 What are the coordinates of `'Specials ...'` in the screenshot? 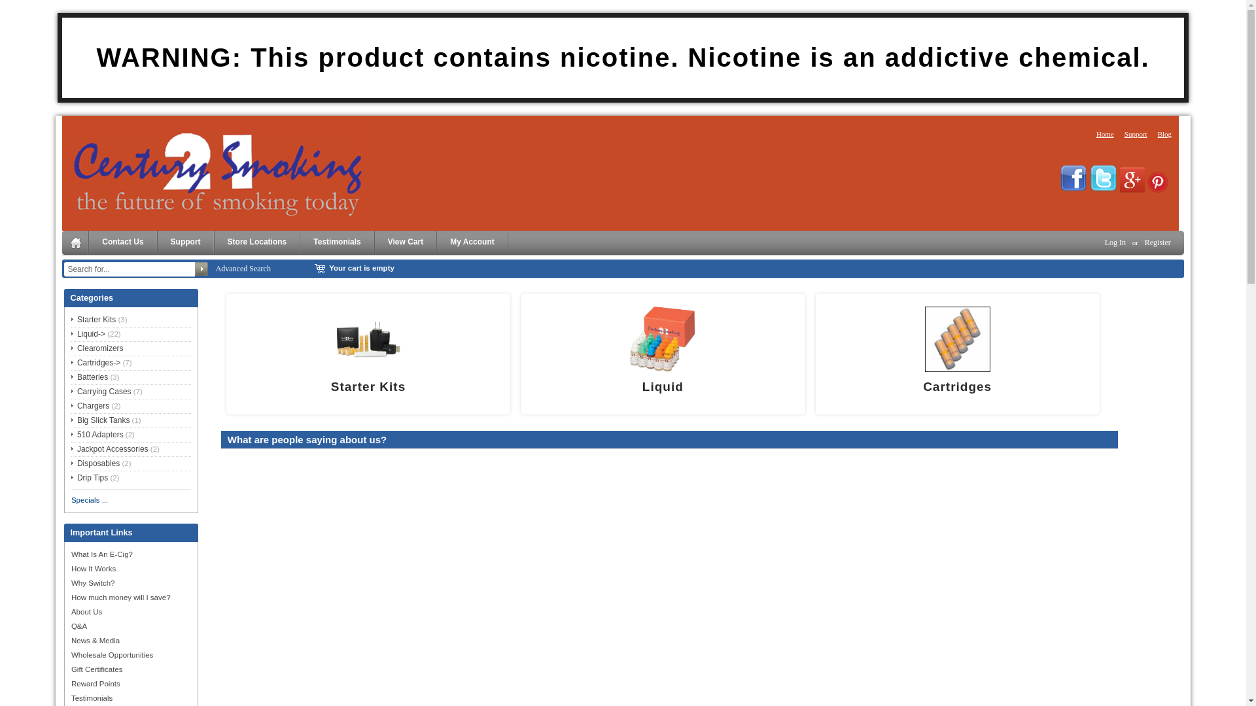 It's located at (89, 499).